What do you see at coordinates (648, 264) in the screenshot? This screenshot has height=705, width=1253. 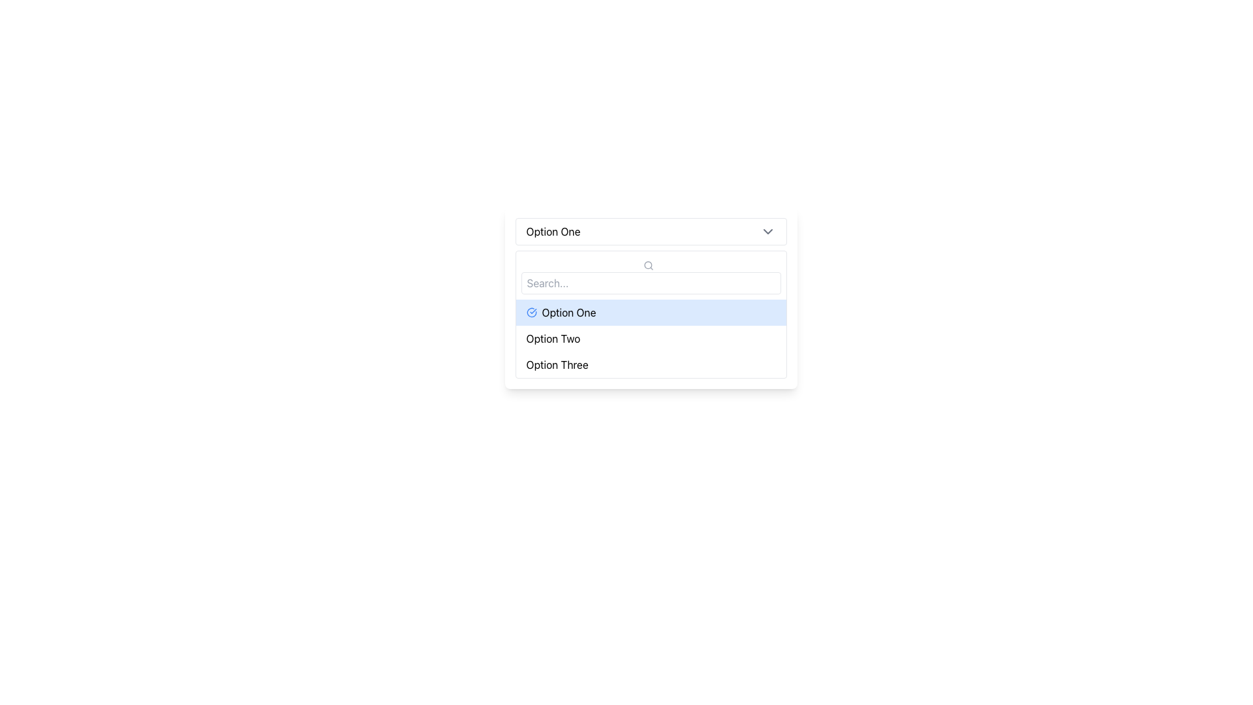 I see `the search indicator icon located at the top of the dropdown component, which suggests that the input field allows users` at bounding box center [648, 264].